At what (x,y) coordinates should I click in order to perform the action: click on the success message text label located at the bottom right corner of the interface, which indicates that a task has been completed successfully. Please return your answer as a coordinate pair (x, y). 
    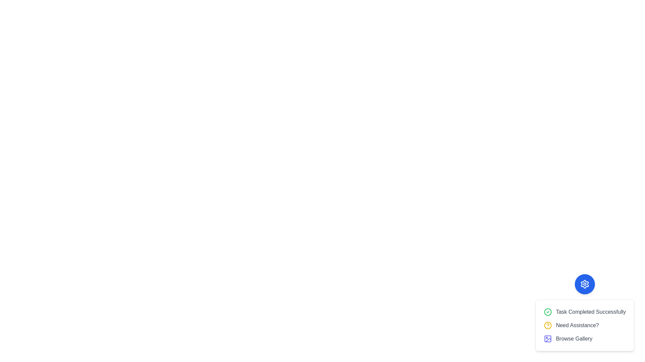
    Looking at the image, I should click on (590, 312).